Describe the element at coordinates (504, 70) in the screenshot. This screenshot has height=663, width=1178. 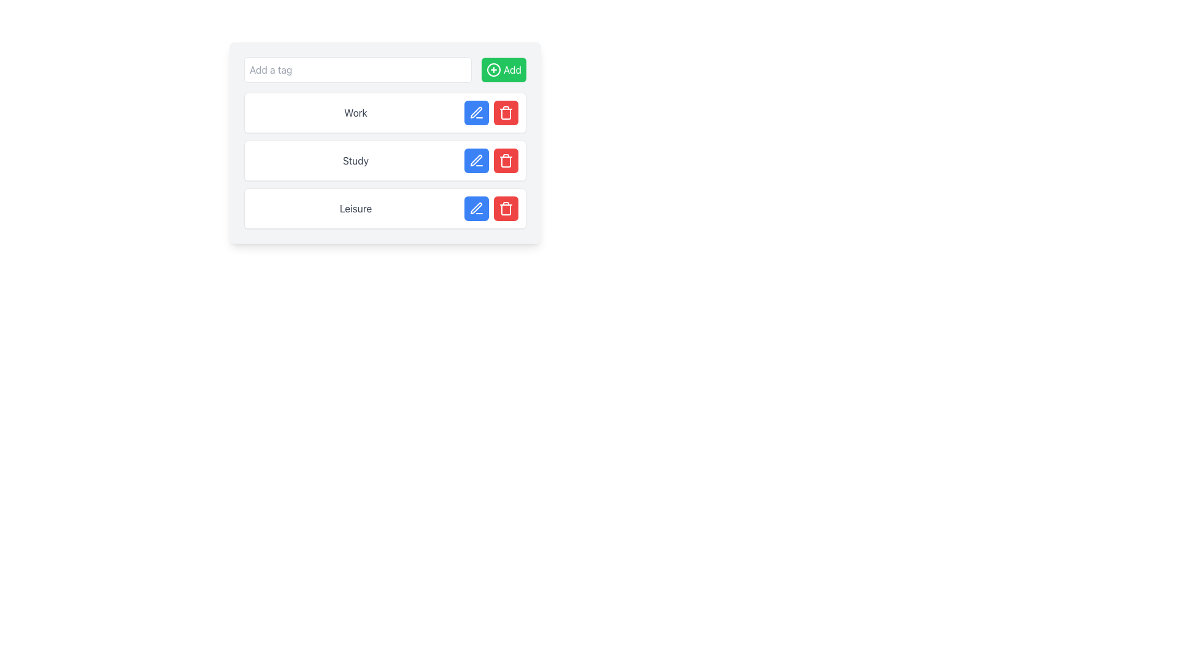
I see `the button located at the top right corner of a row, which is adjacent to a text input field` at that location.